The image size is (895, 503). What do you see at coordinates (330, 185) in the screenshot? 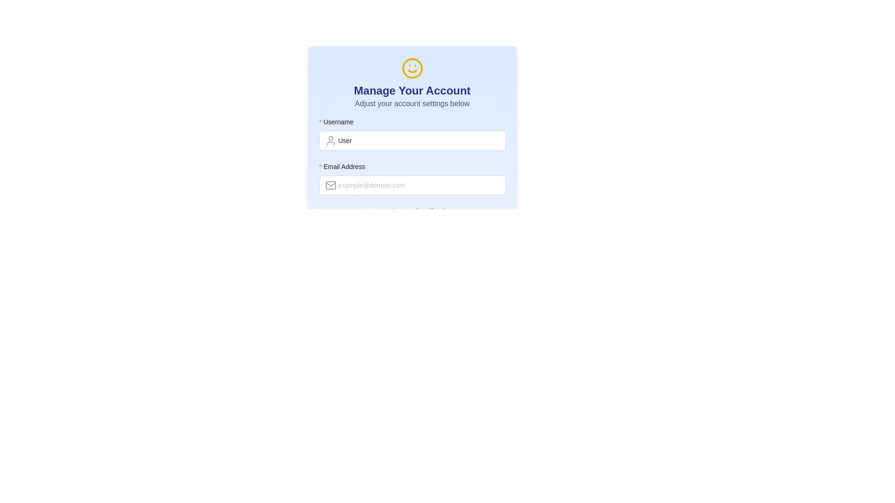
I see `the visual icon for the email address input field, located on the left side of the Email Address input field in the 'Manage Your Account' form interface` at bounding box center [330, 185].